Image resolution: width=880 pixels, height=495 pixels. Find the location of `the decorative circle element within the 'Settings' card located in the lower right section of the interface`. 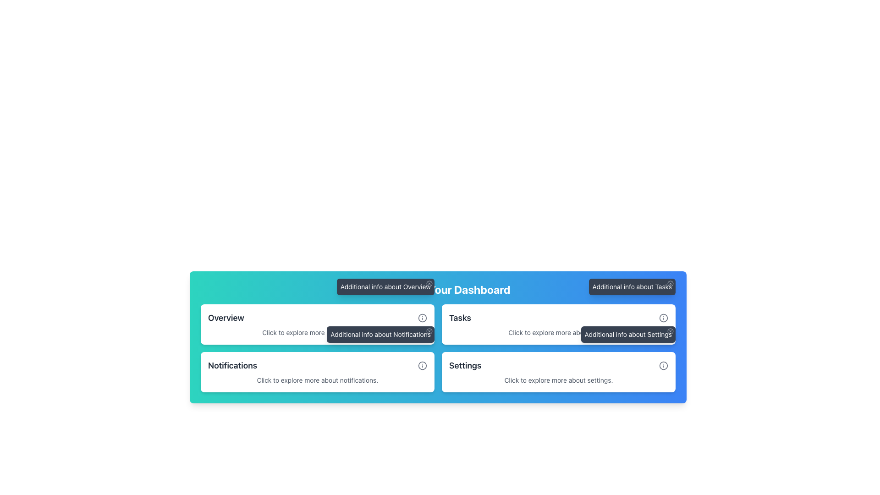

the decorative circle element within the 'Settings' card located in the lower right section of the interface is located at coordinates (664, 365).